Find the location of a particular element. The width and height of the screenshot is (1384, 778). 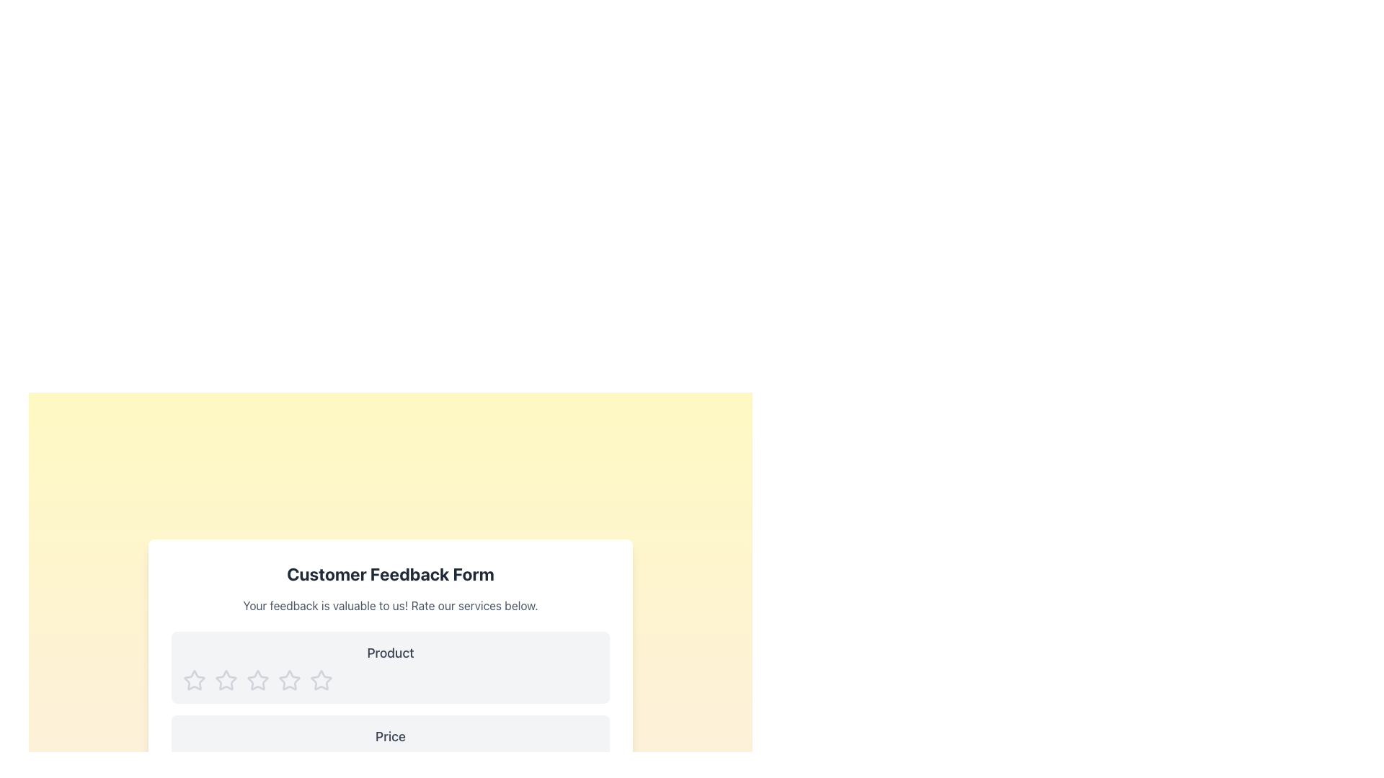

the third rating star icon is located at coordinates (289, 680).